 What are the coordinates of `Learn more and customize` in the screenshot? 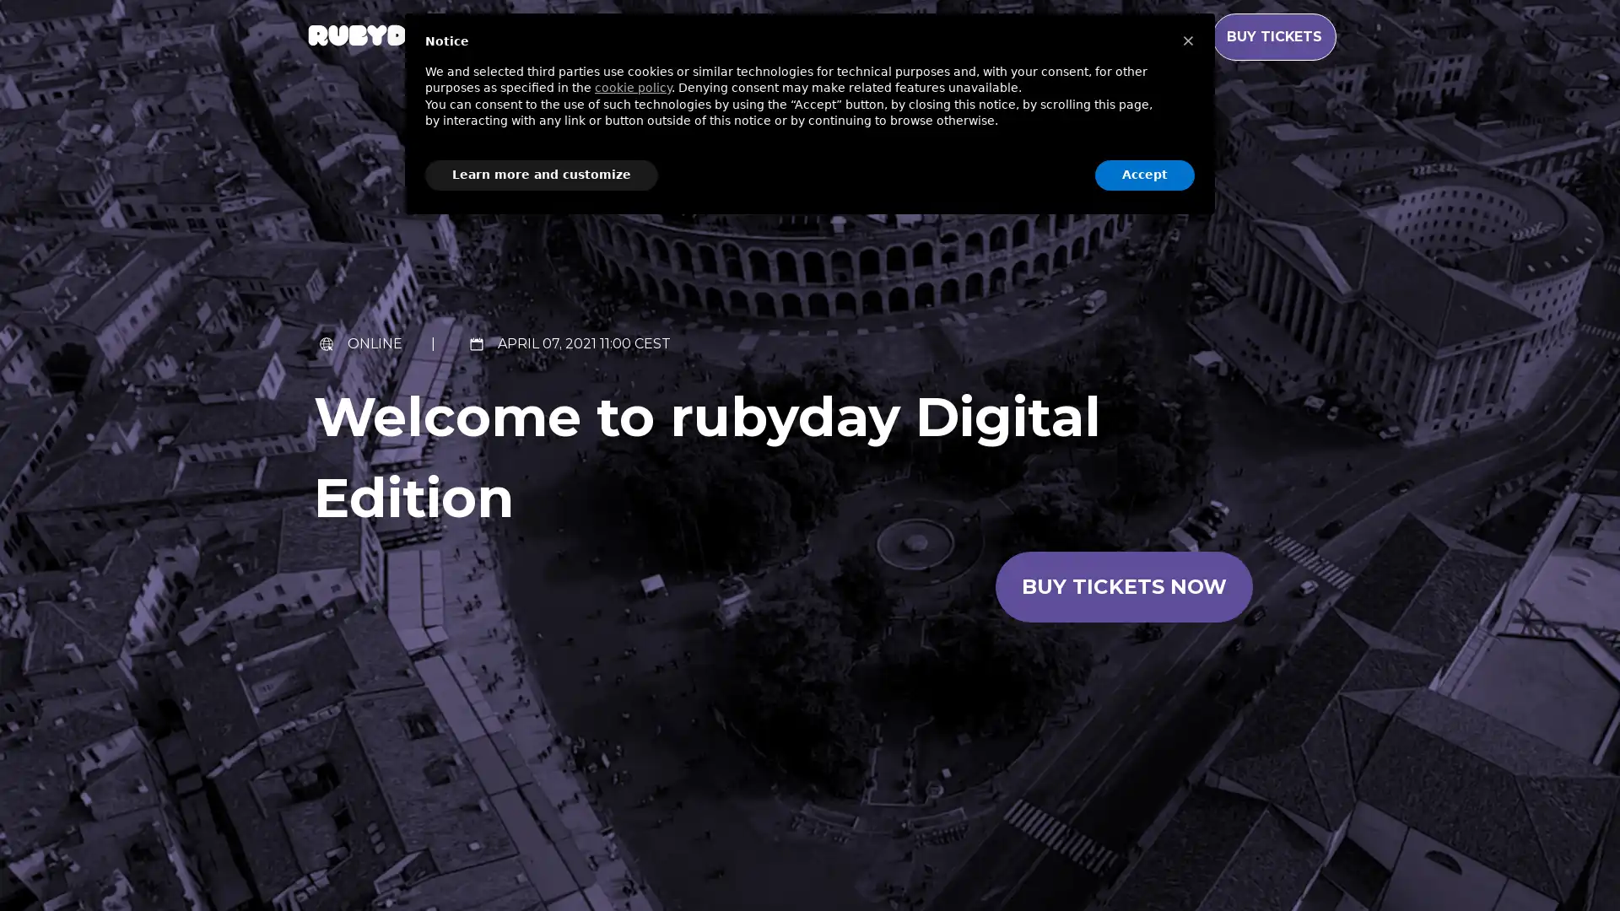 It's located at (542, 175).